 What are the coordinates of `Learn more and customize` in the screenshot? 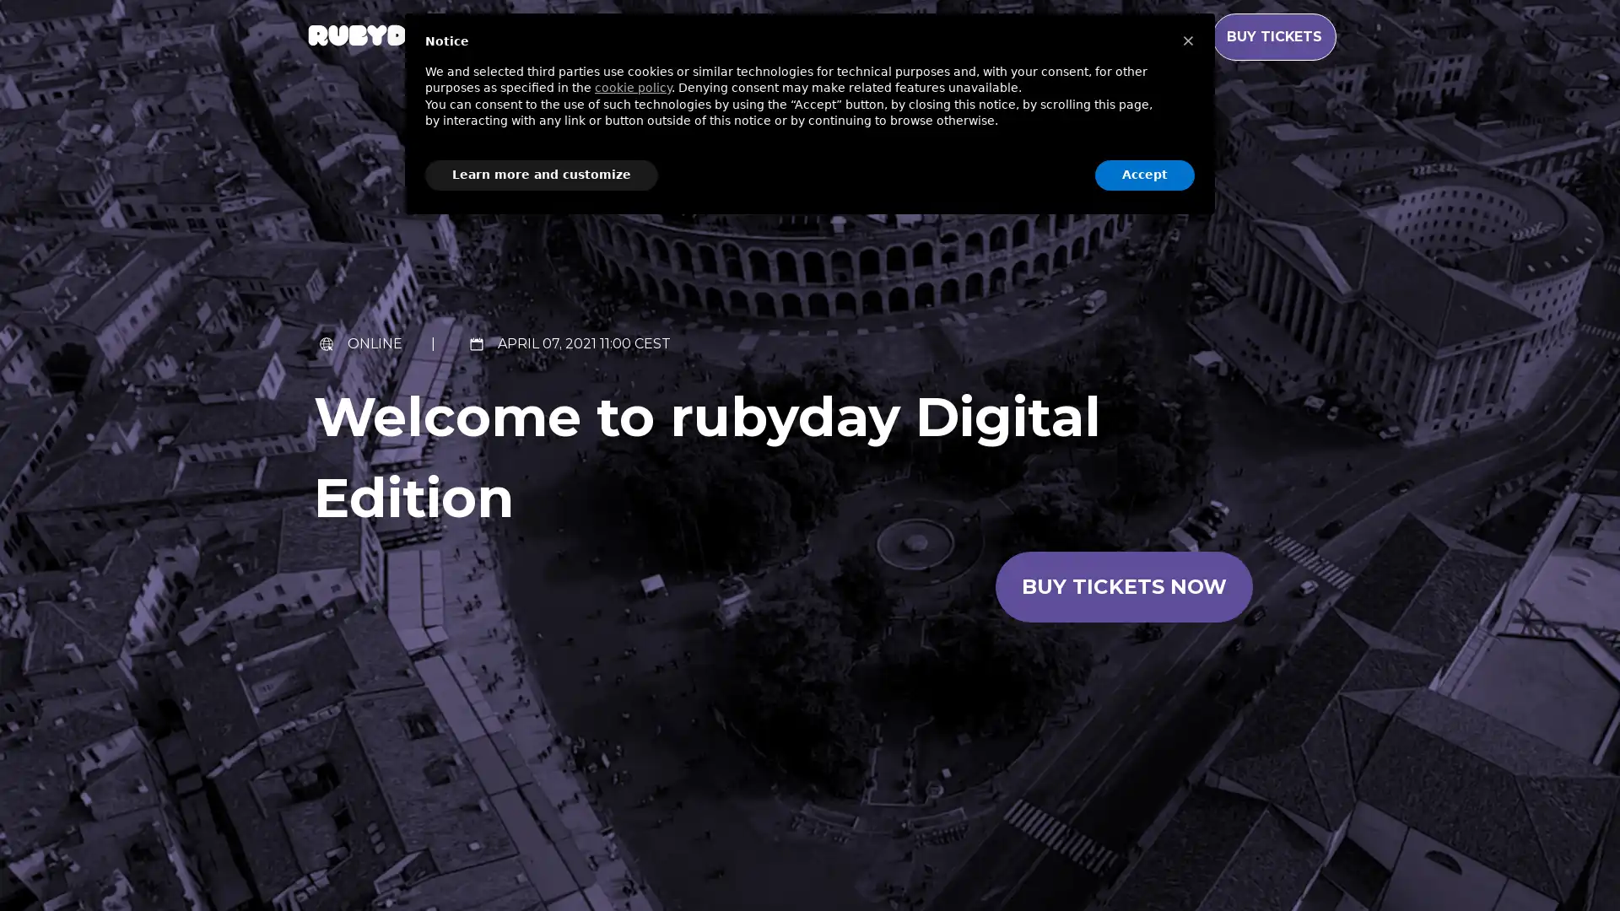 It's located at (542, 175).